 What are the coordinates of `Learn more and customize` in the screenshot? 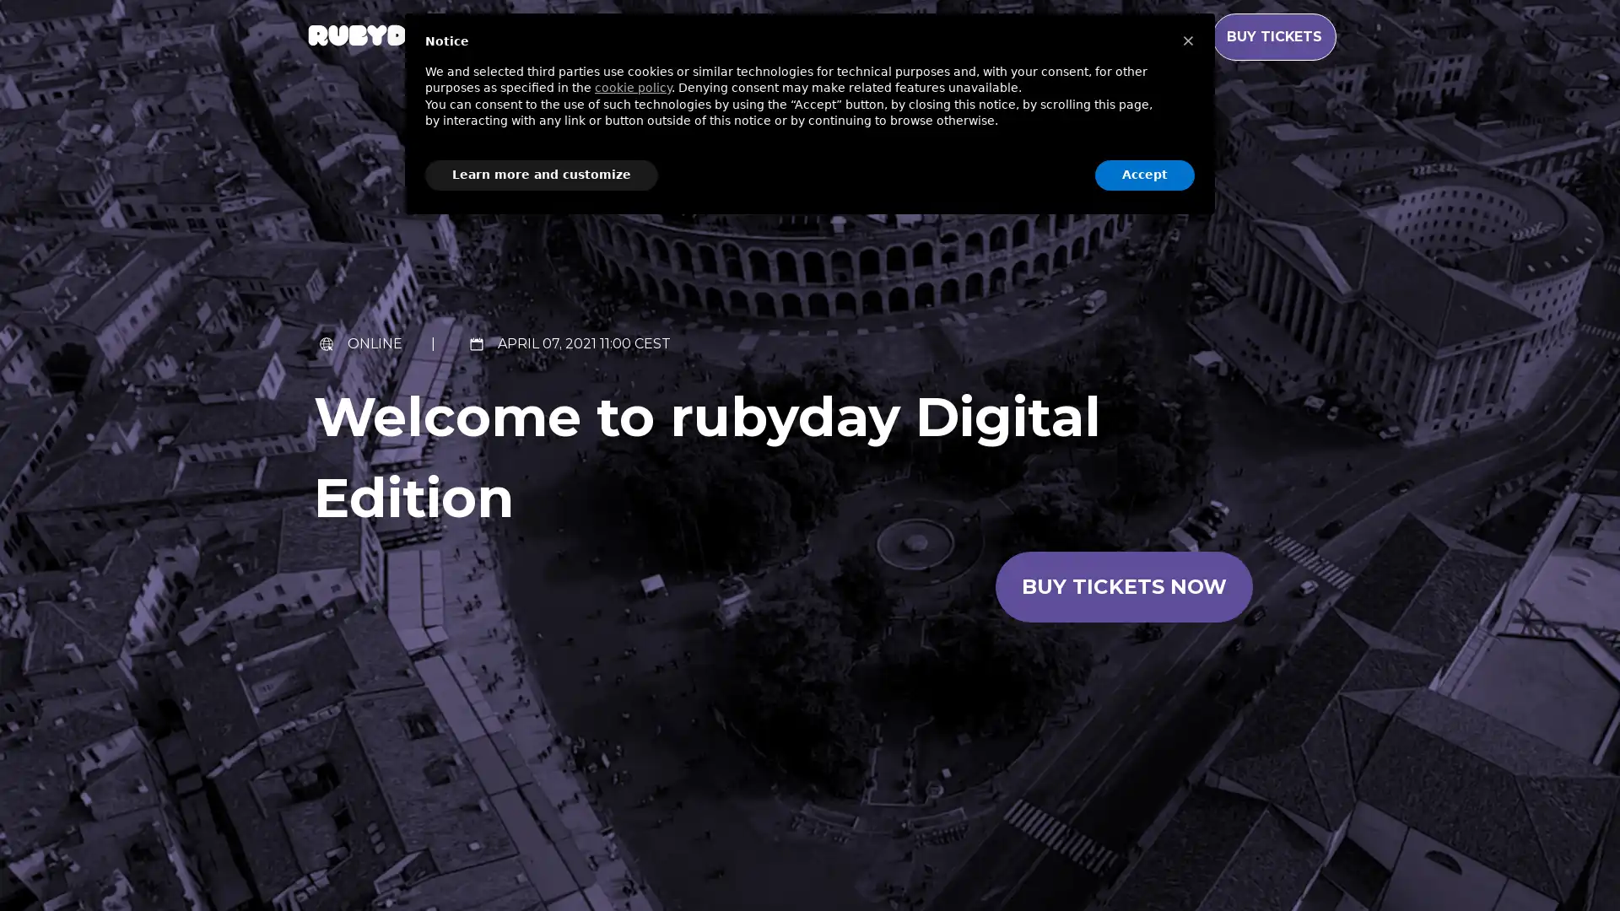 It's located at (542, 175).